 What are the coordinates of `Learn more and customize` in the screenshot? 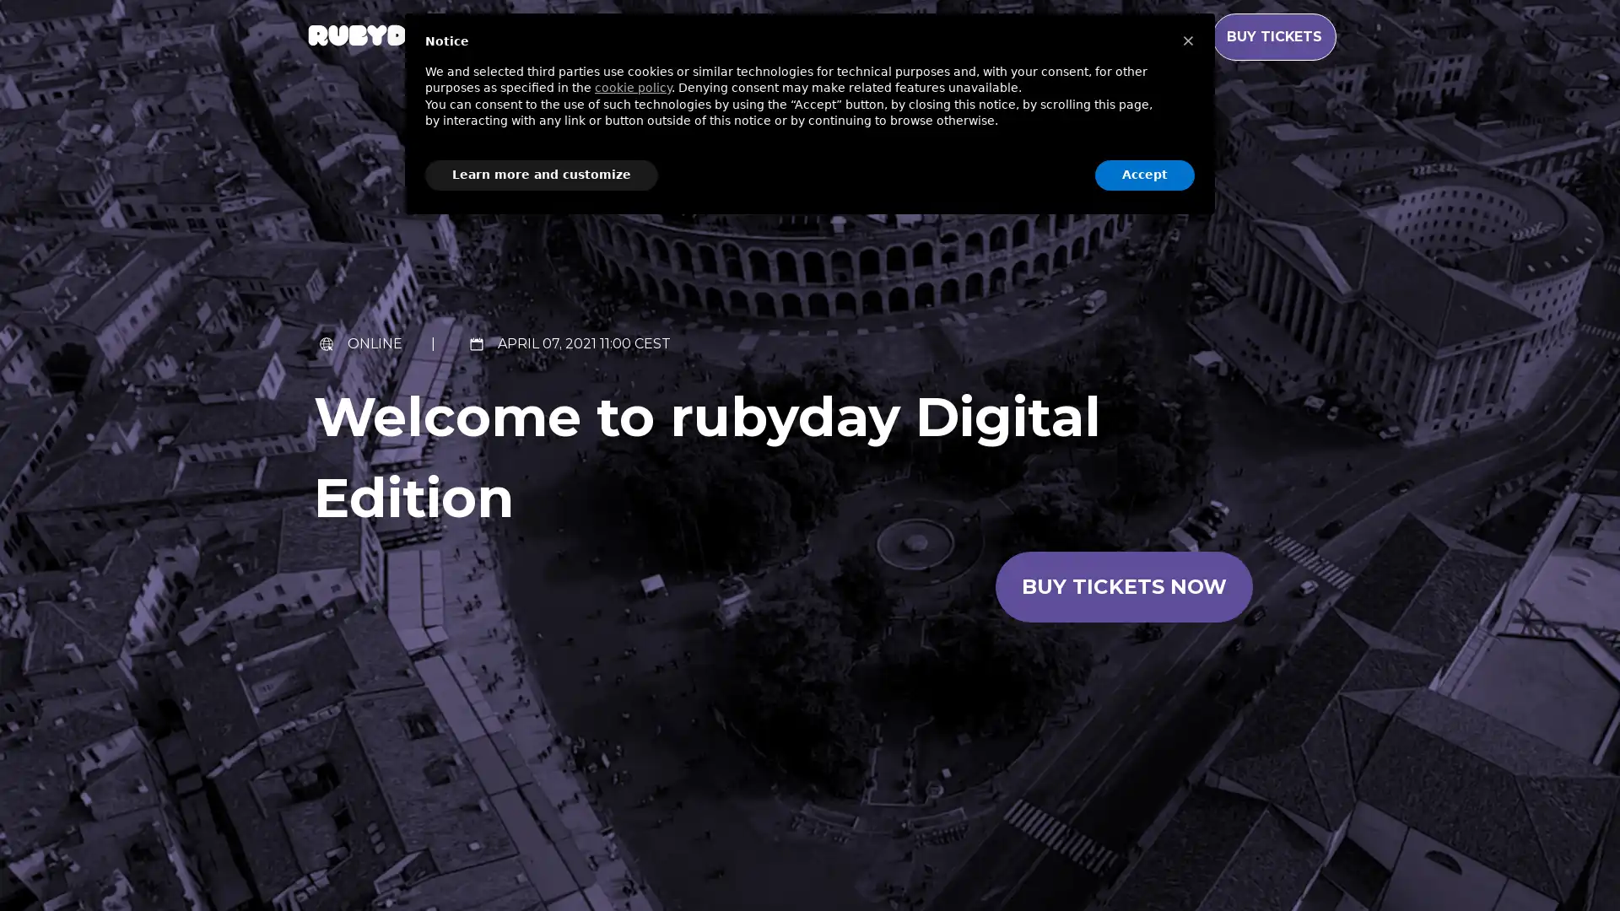 It's located at (542, 175).